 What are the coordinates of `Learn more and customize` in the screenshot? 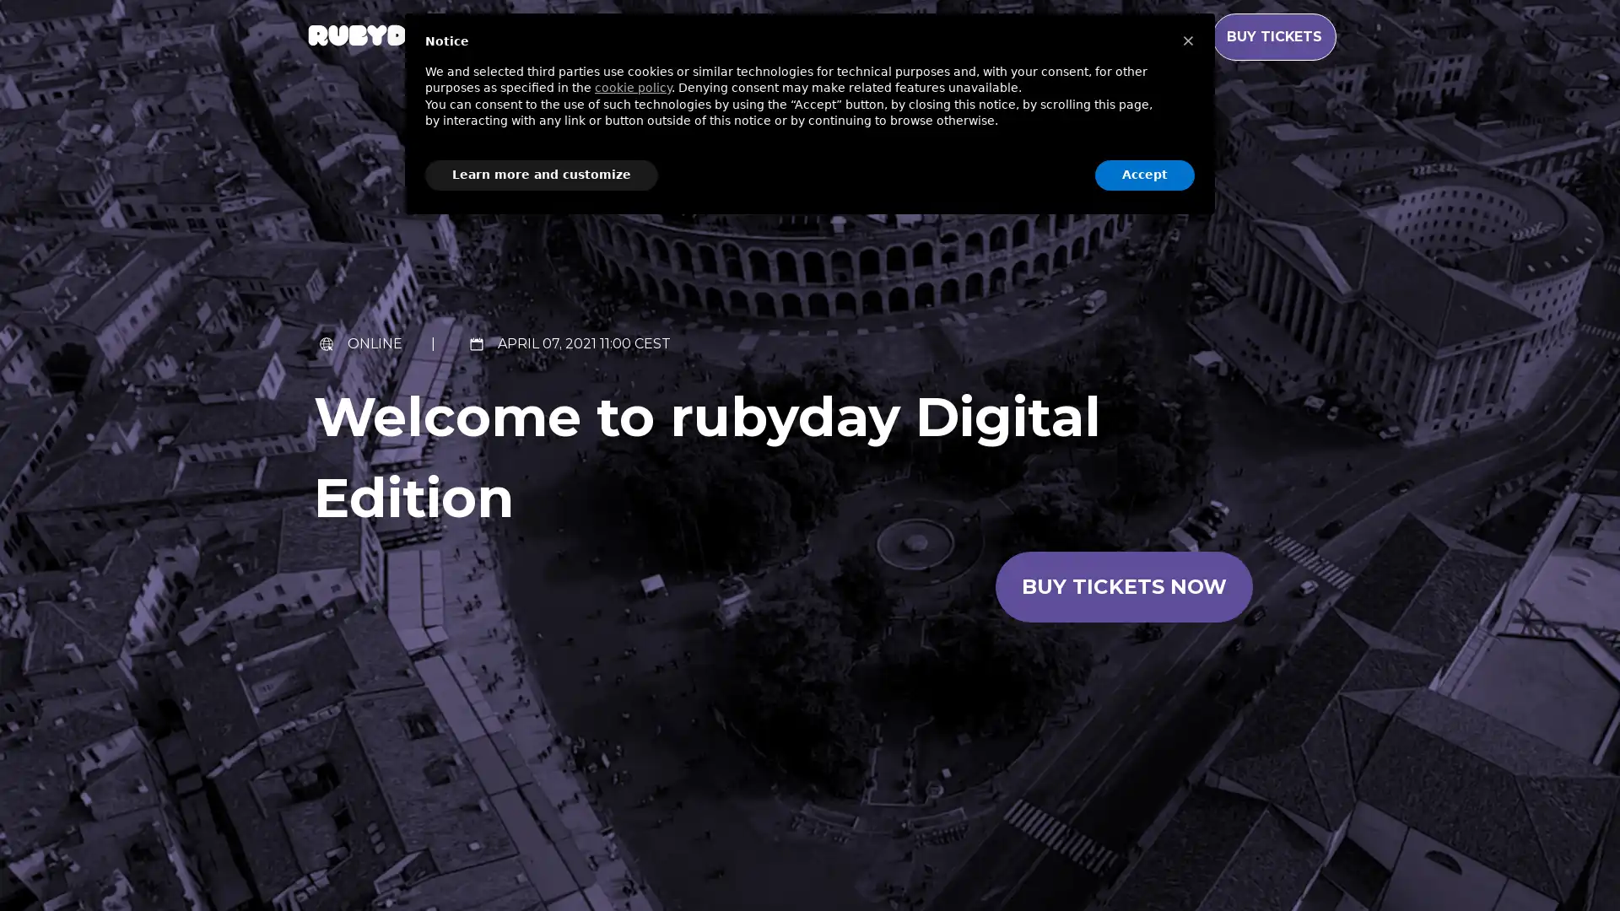 It's located at (542, 175).